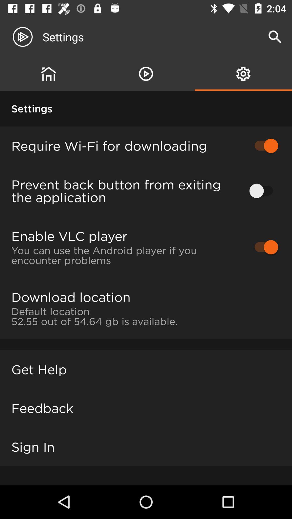  Describe the element at coordinates (263, 247) in the screenshot. I see `the button which is on the left side of enable vlc player` at that location.